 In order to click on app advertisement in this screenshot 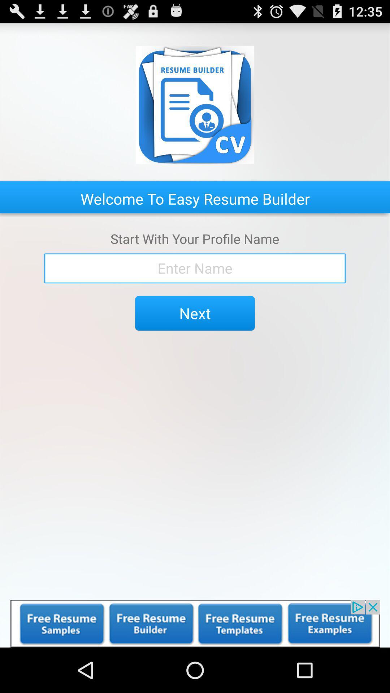, I will do `click(195, 623)`.